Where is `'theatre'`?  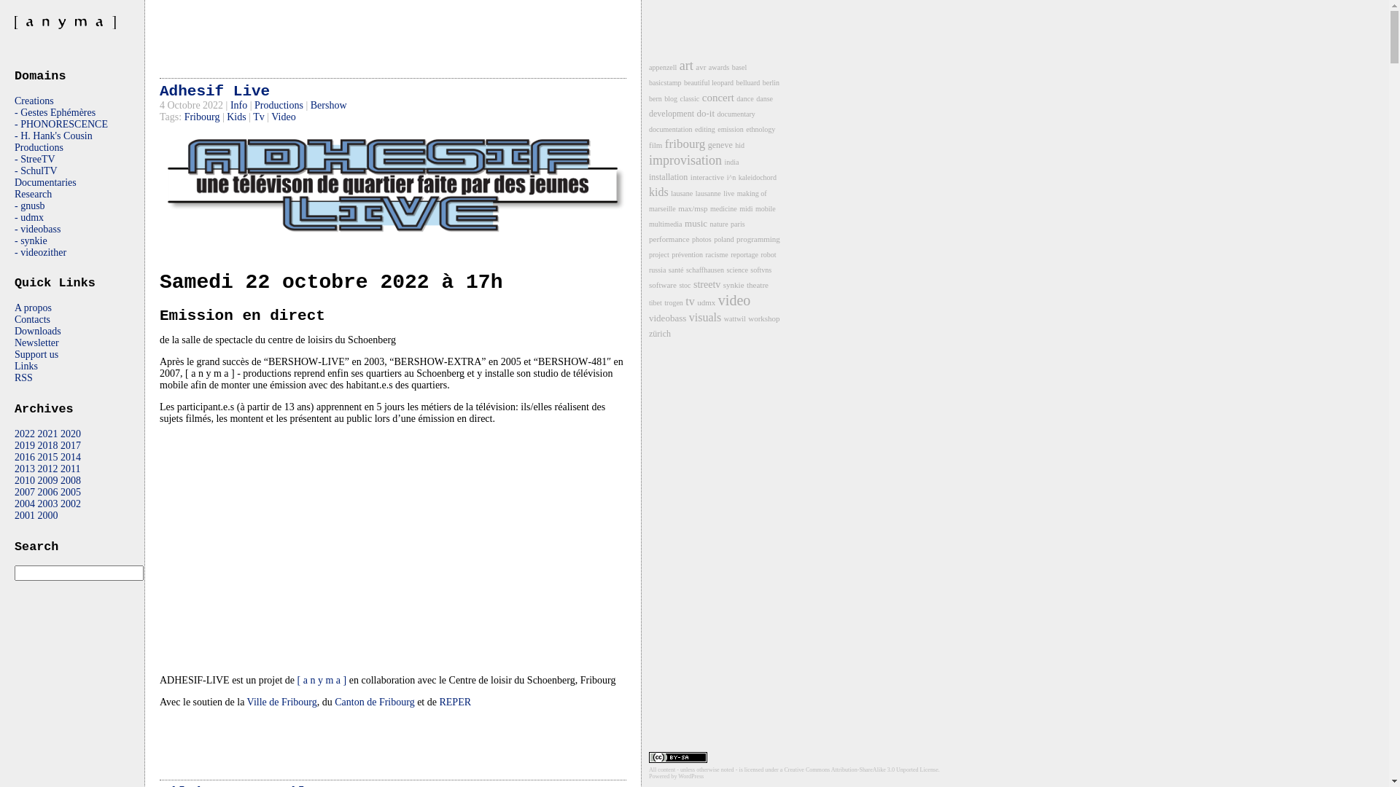 'theatre' is located at coordinates (757, 284).